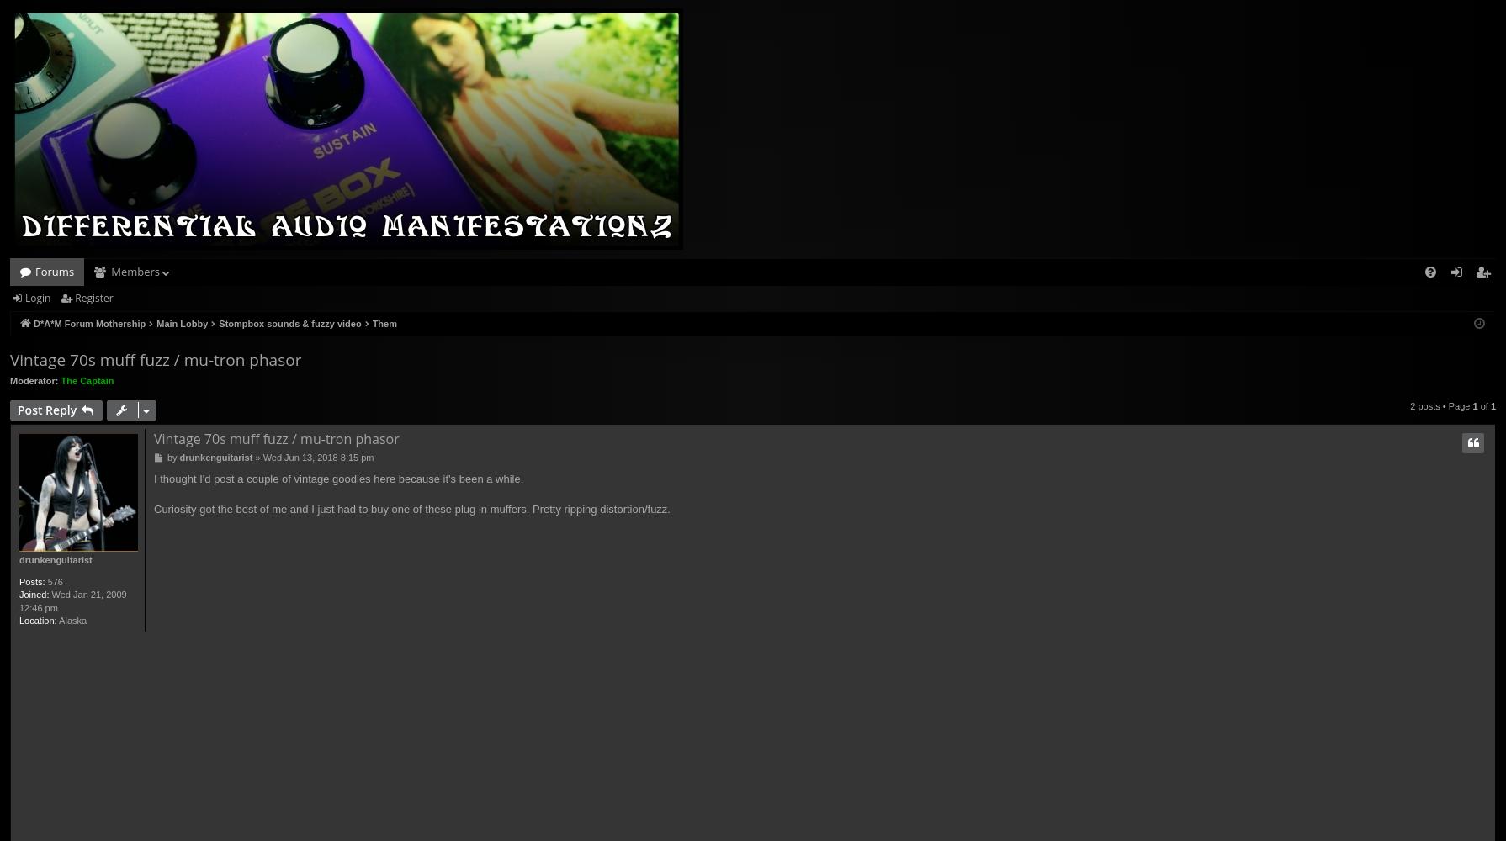 The image size is (1506, 841). I want to click on 'Alaska', so click(72, 619).